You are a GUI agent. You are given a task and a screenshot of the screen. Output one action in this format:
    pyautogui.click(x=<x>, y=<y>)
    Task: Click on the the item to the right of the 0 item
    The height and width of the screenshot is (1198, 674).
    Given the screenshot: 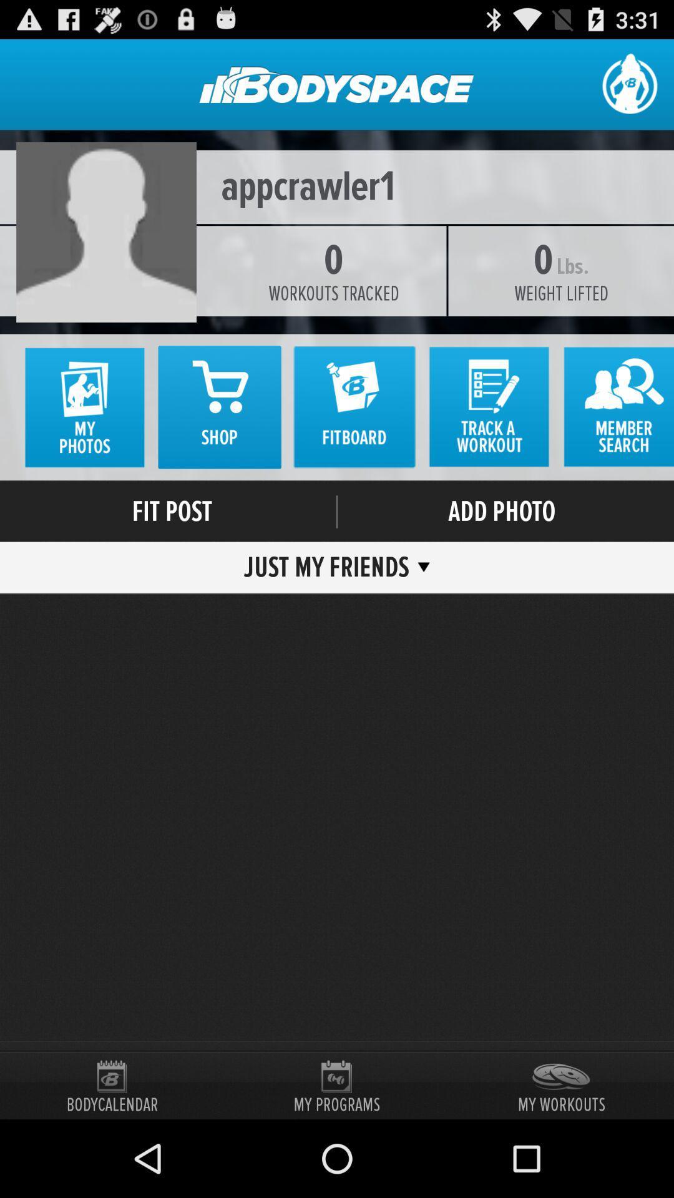 What is the action you would take?
    pyautogui.click(x=572, y=266)
    